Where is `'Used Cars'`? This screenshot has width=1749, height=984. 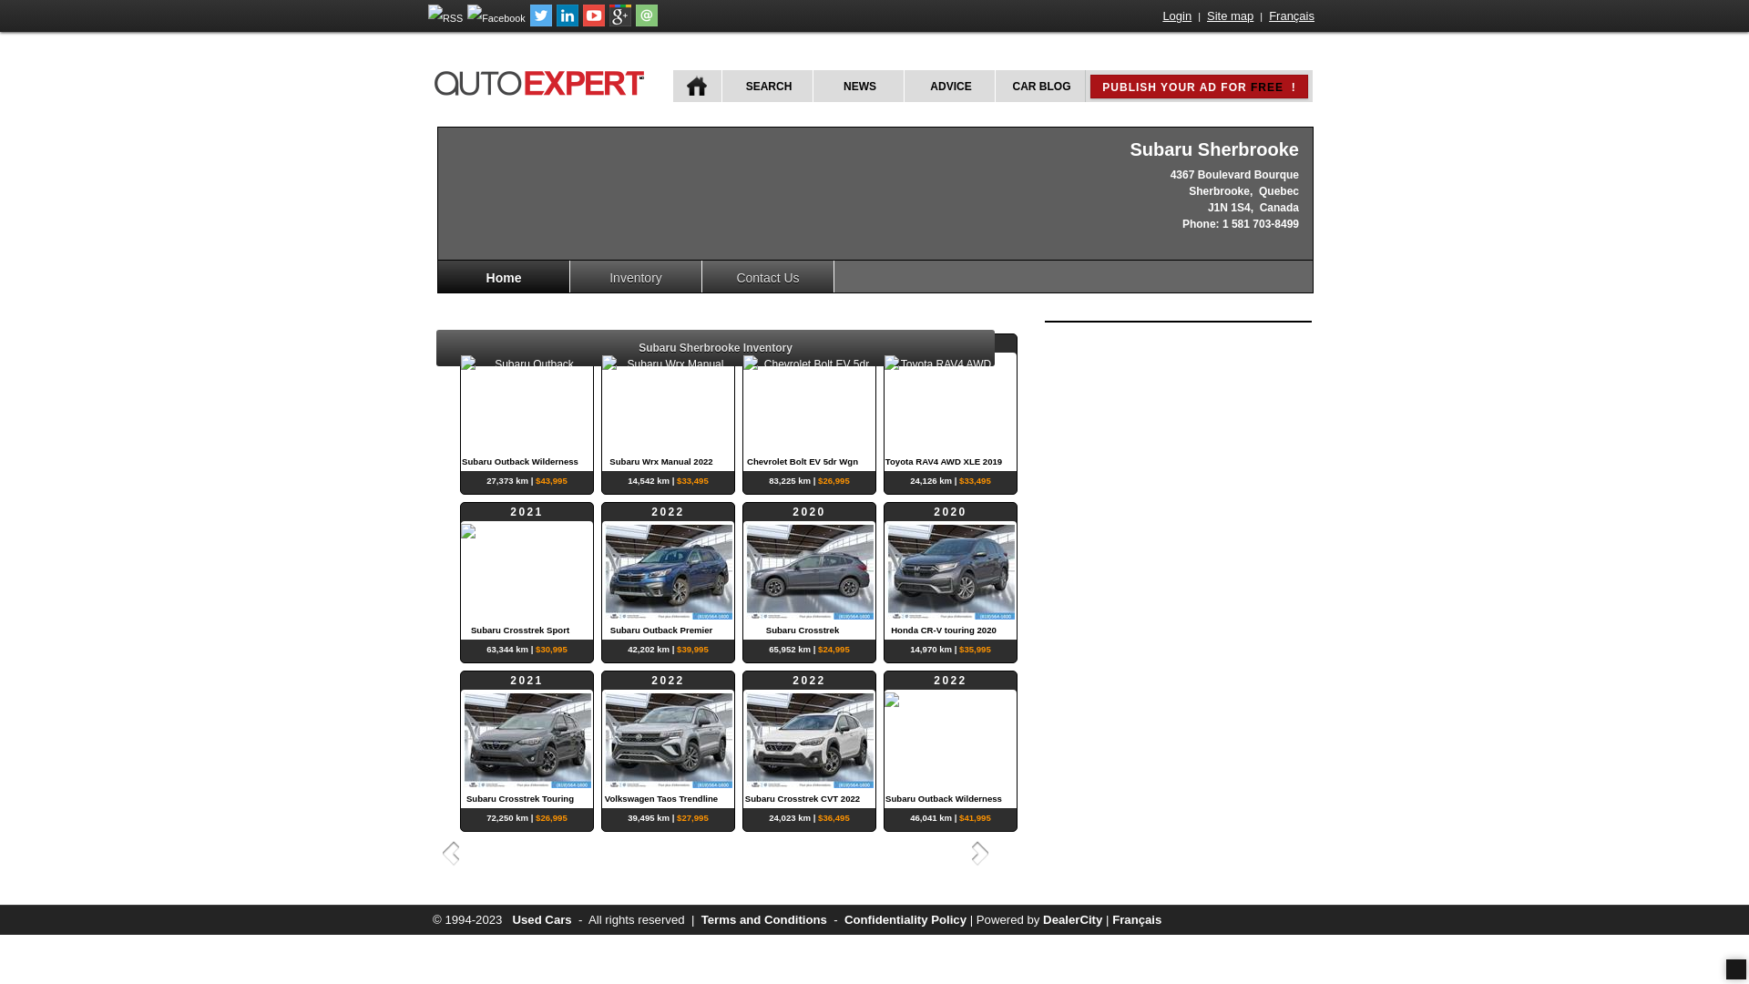
'Used Cars' is located at coordinates (540, 919).